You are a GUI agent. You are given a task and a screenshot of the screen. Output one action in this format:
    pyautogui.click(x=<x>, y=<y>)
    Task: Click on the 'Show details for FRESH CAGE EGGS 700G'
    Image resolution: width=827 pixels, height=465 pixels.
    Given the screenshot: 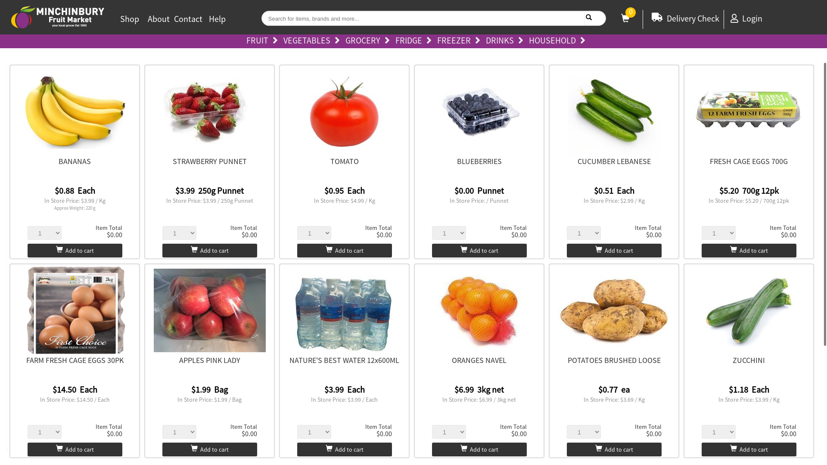 What is the action you would take?
    pyautogui.click(x=693, y=111)
    